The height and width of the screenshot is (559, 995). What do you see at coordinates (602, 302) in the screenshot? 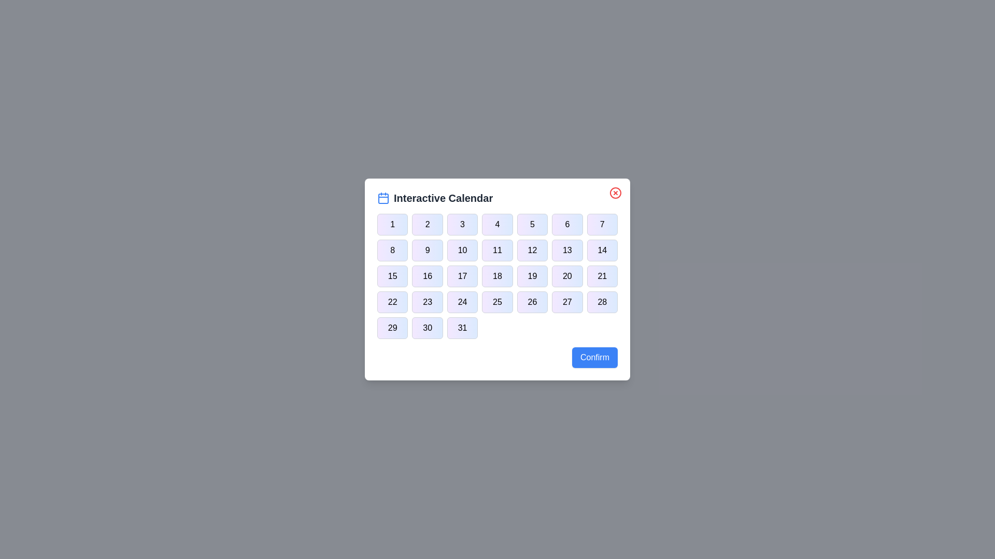
I see `the button corresponding to day 28 in the calendar` at bounding box center [602, 302].